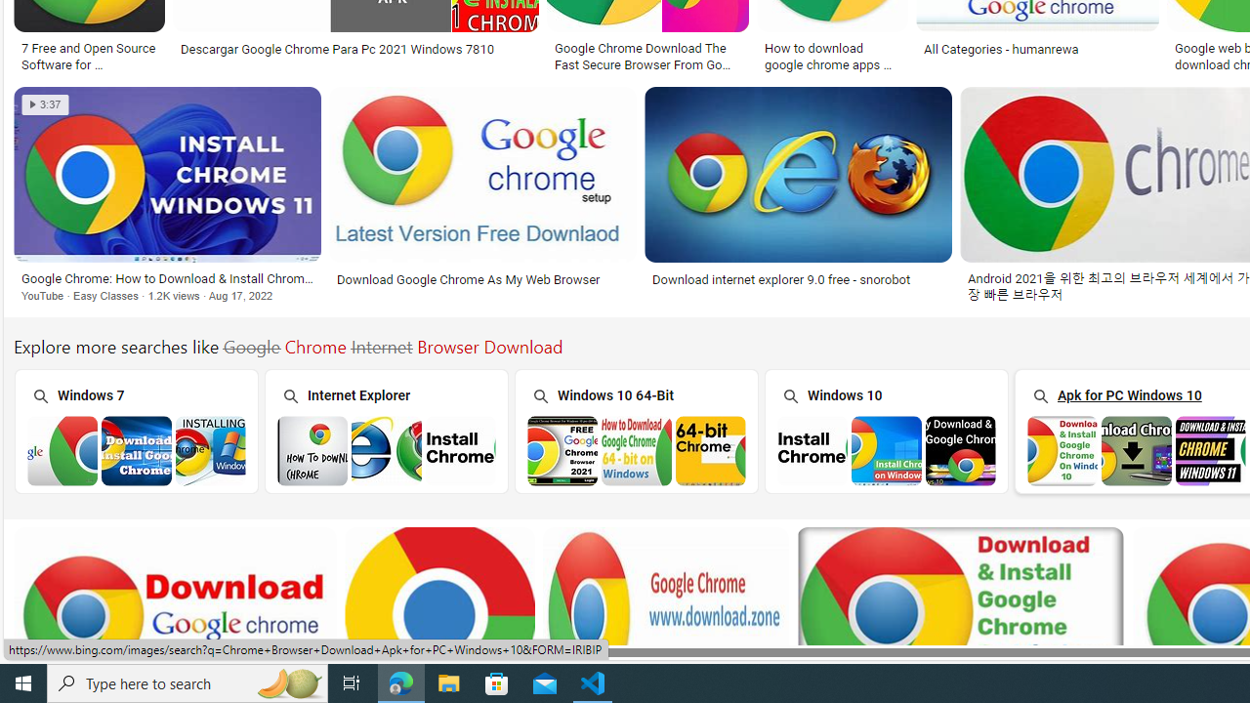 The width and height of the screenshot is (1250, 703). Describe the element at coordinates (482, 279) in the screenshot. I see `'Download Google Chrome As My Web Browser'` at that location.